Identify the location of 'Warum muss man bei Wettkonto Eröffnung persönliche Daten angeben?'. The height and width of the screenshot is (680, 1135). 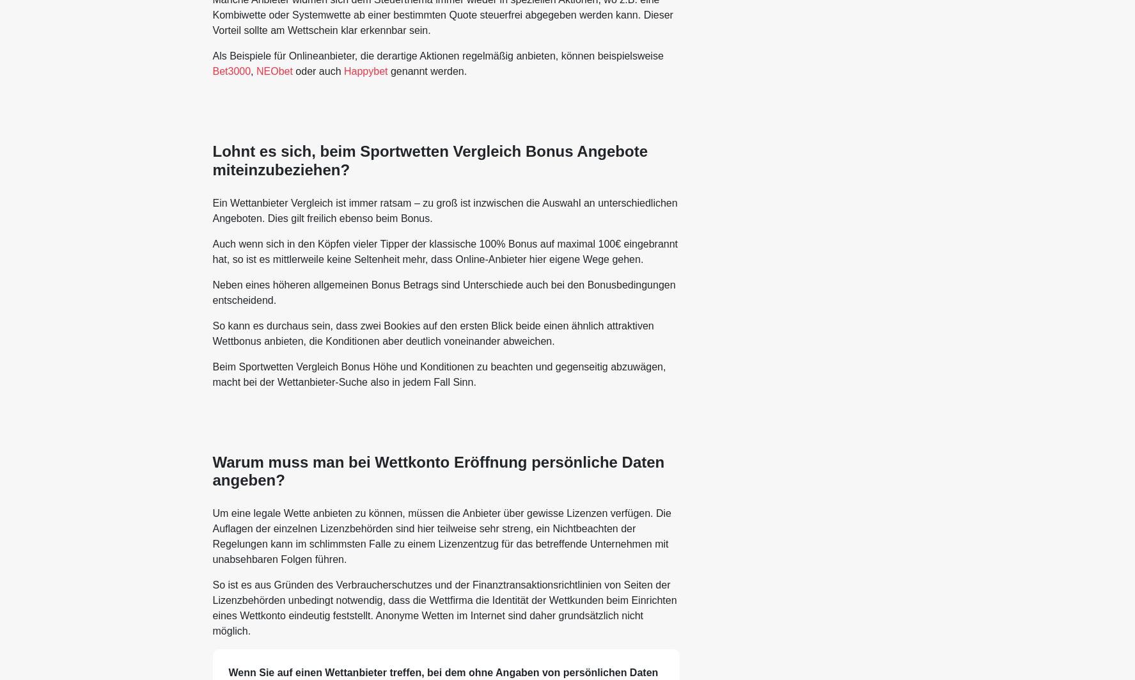
(437, 470).